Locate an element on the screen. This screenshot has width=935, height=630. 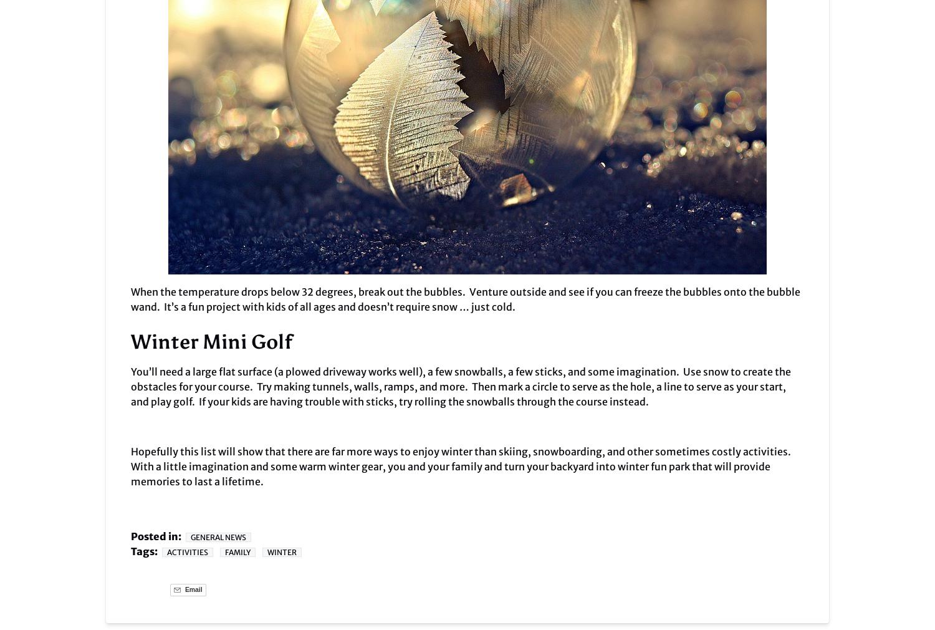
'Email' is located at coordinates (193, 589).